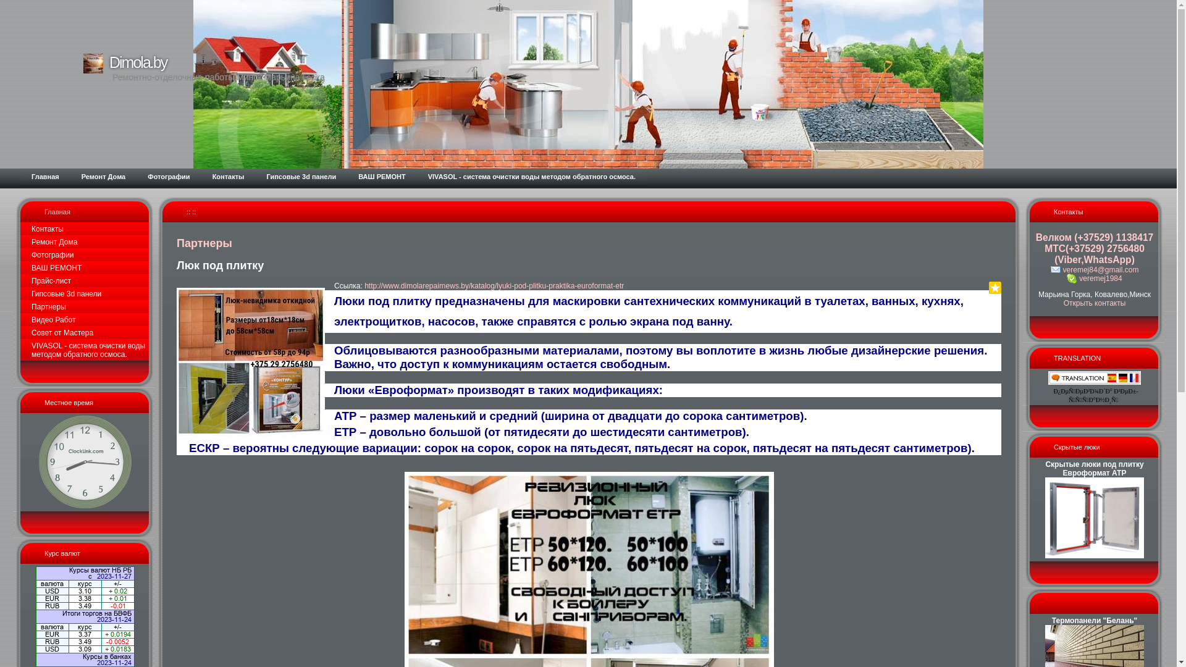  I want to click on 'veremej84@gmail.com', so click(1095, 269).